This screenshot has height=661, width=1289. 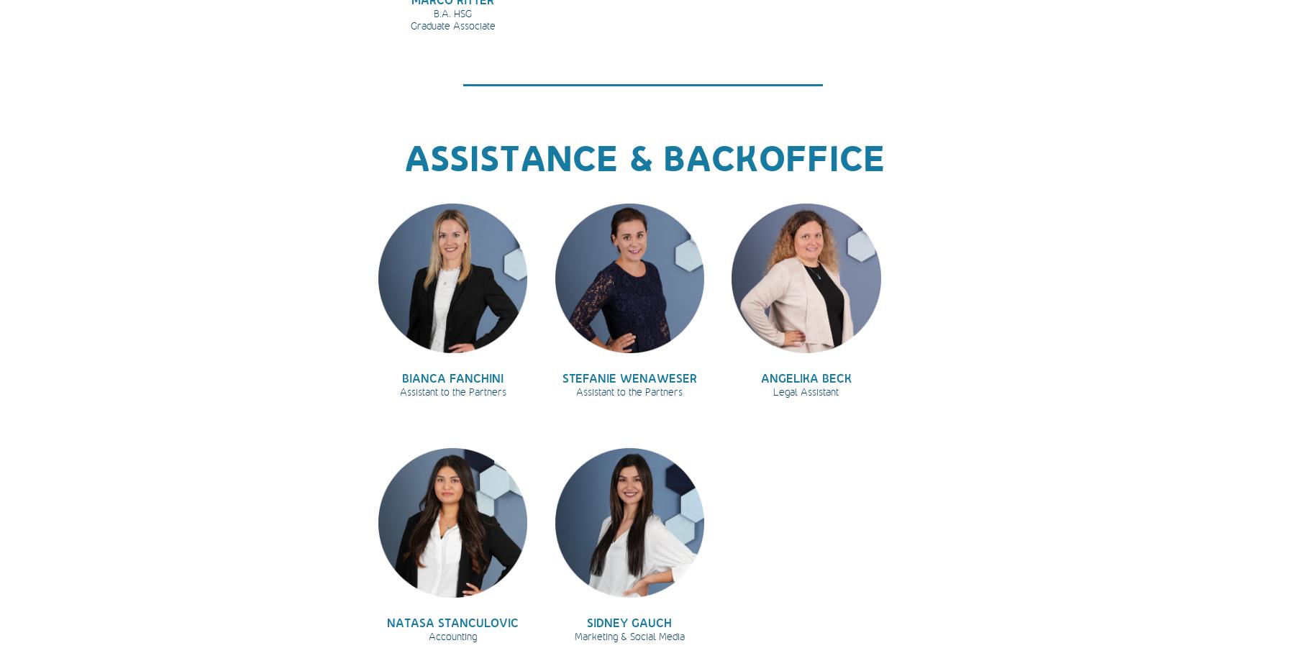 What do you see at coordinates (644, 158) in the screenshot?
I see `'ASSISTANCE & BACKOFFICE'` at bounding box center [644, 158].